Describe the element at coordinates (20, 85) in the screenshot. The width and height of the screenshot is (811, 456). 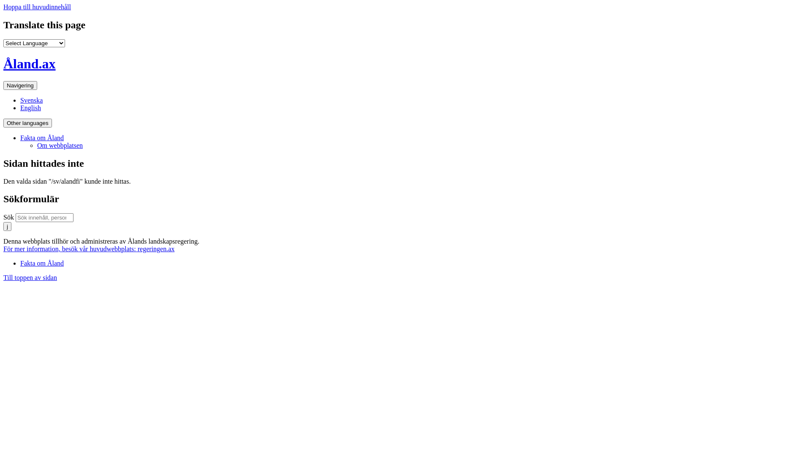
I see `'Navigering'` at that location.